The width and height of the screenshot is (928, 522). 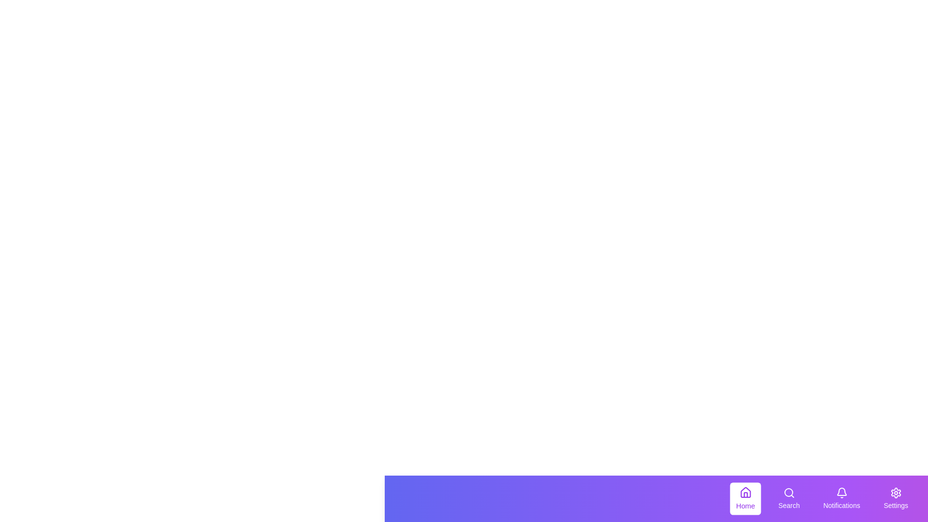 What do you see at coordinates (745, 499) in the screenshot?
I see `the Home tab to observe hover effects` at bounding box center [745, 499].